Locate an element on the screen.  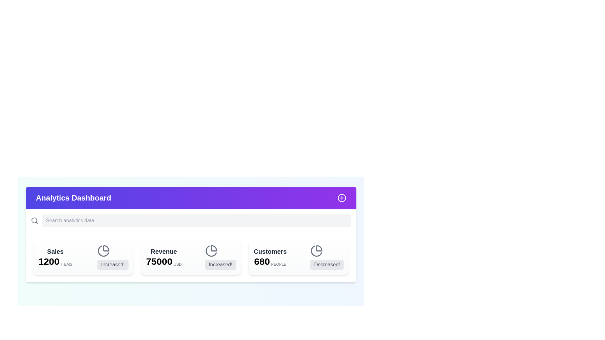
the text label indicating that the value represents people, located at the bottom-right part of the 'Customers' card, to the right of the number '680' is located at coordinates (278, 264).